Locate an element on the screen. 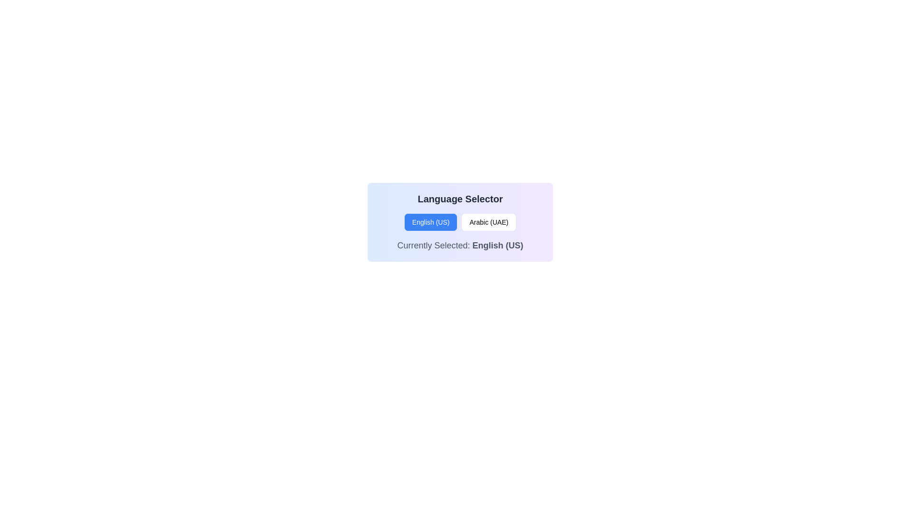  the 'Arabic (UAE)' language selection button, which is the second button in the Language Selector group, located to the right of the 'English (US)' button is located at coordinates (489, 222).